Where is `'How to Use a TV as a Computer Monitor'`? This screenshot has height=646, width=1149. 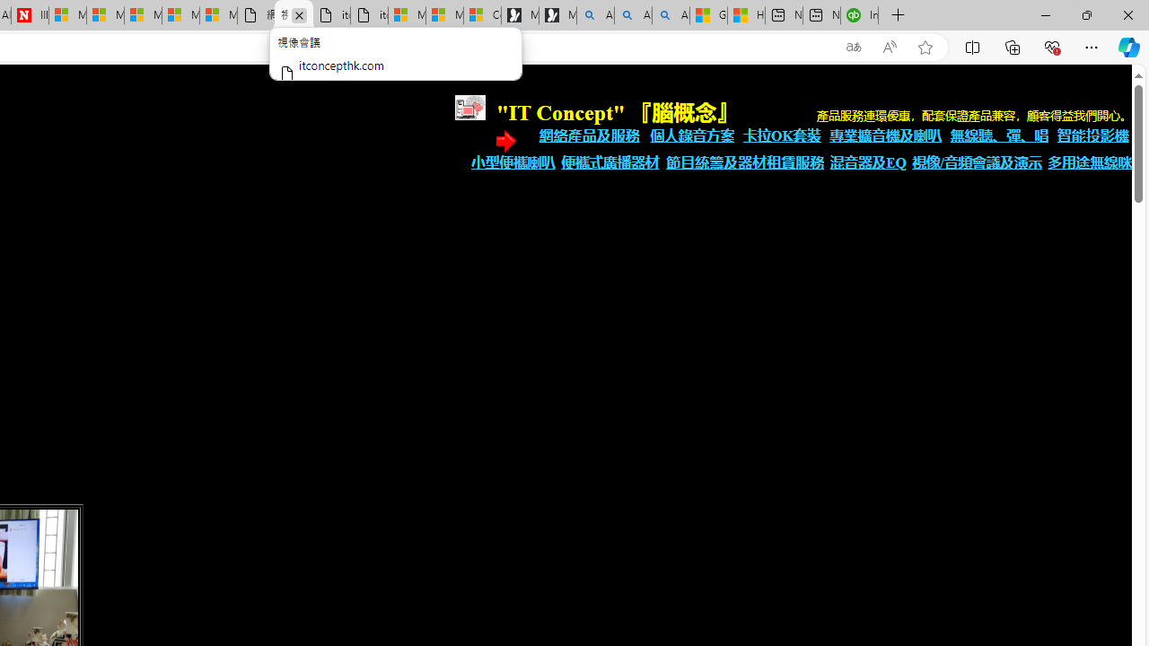
'How to Use a TV as a Computer Monitor' is located at coordinates (747, 15).